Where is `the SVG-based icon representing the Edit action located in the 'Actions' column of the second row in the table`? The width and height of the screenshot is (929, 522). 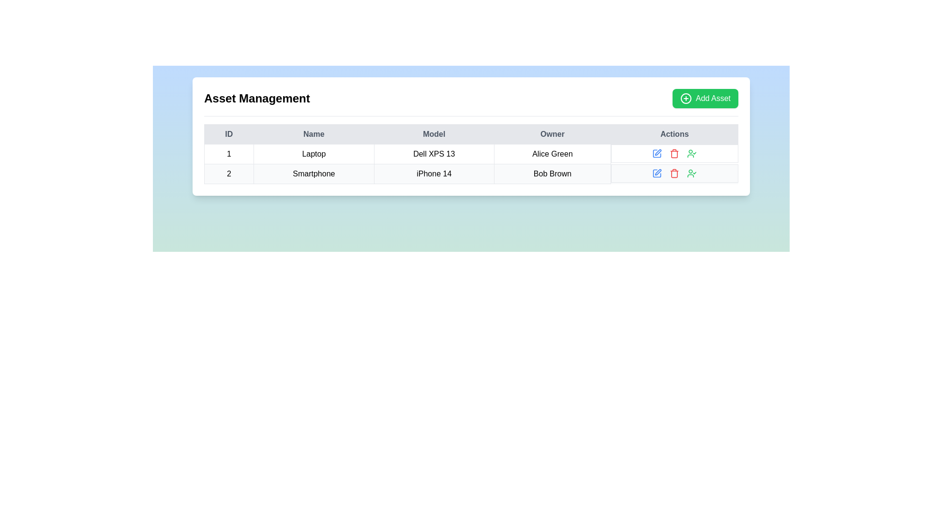
the SVG-based icon representing the Edit action located in the 'Actions' column of the second row in the table is located at coordinates (657, 173).